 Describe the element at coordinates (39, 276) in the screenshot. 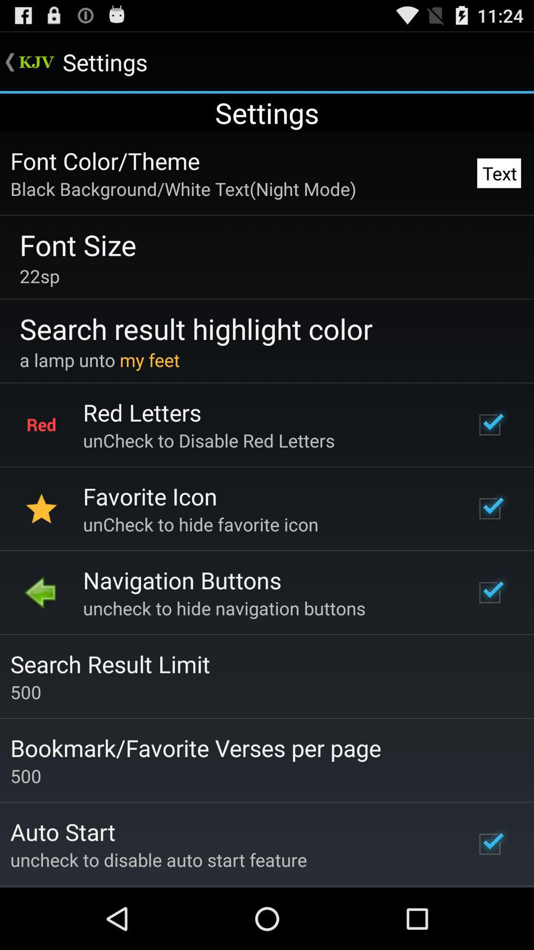

I see `the 22sp item` at that location.